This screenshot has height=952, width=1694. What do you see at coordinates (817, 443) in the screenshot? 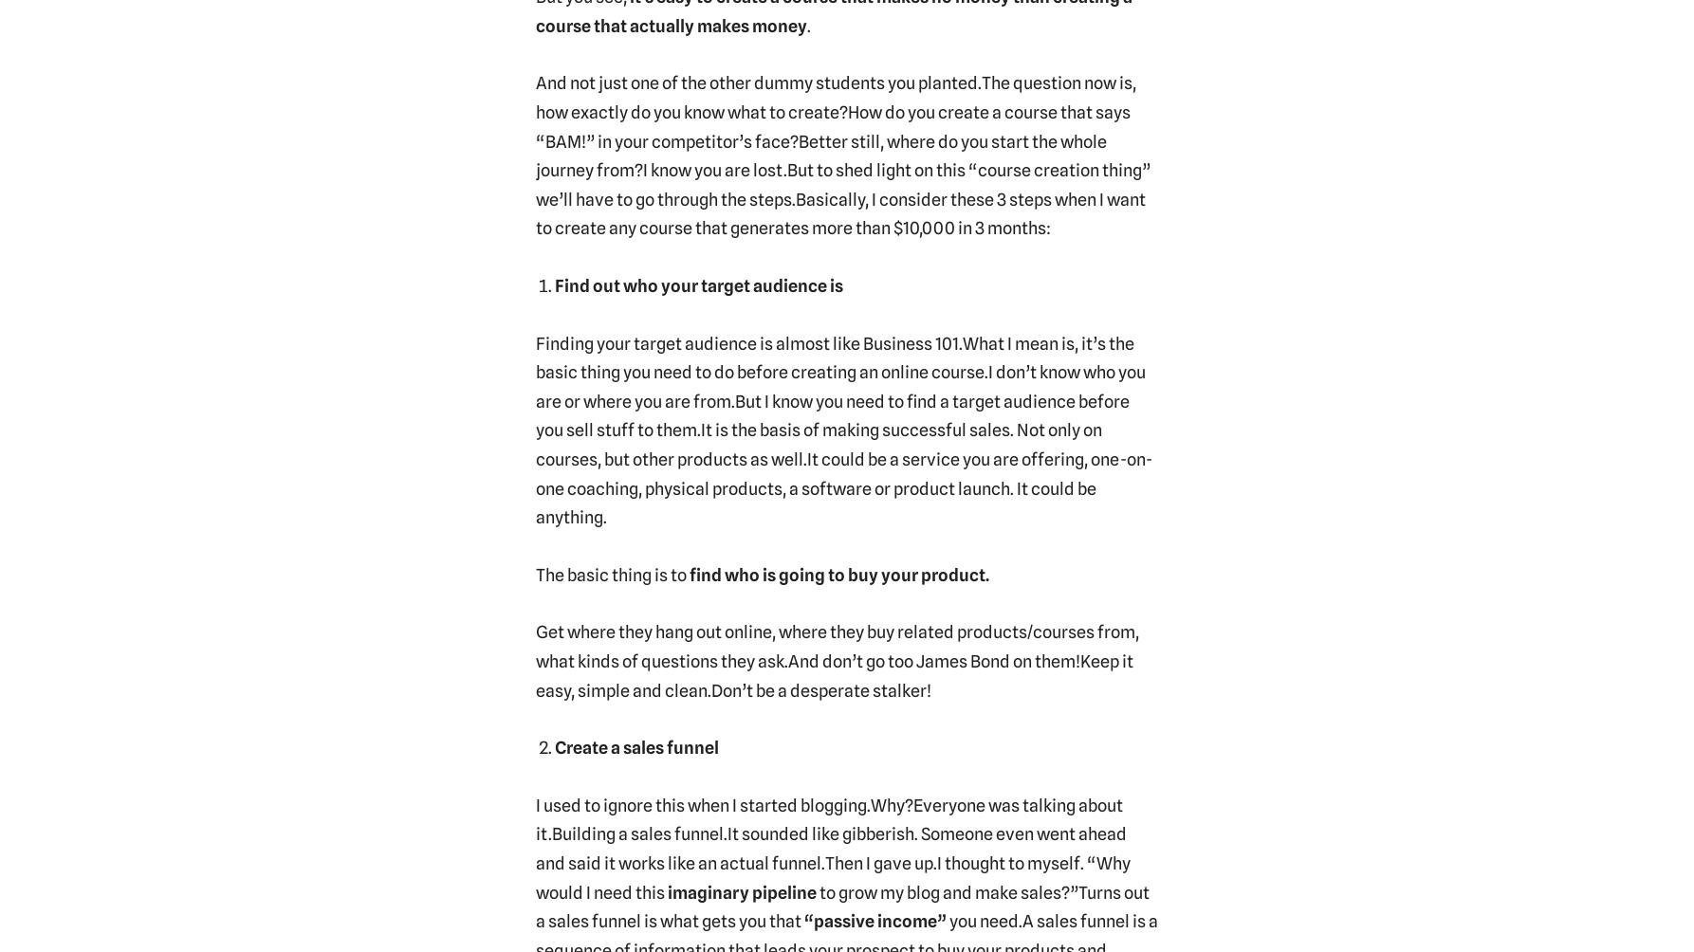
I see `'It is the basis of making successful sales. Not only on courses, but other products as well.'` at bounding box center [817, 443].